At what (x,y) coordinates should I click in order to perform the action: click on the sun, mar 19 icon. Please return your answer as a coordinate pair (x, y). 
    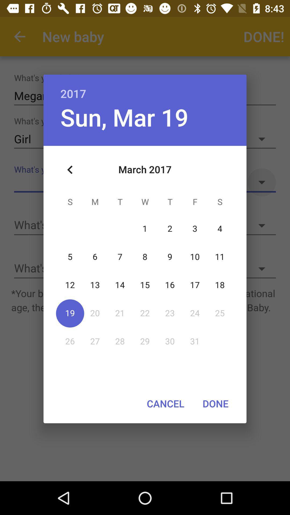
    Looking at the image, I should click on (124, 117).